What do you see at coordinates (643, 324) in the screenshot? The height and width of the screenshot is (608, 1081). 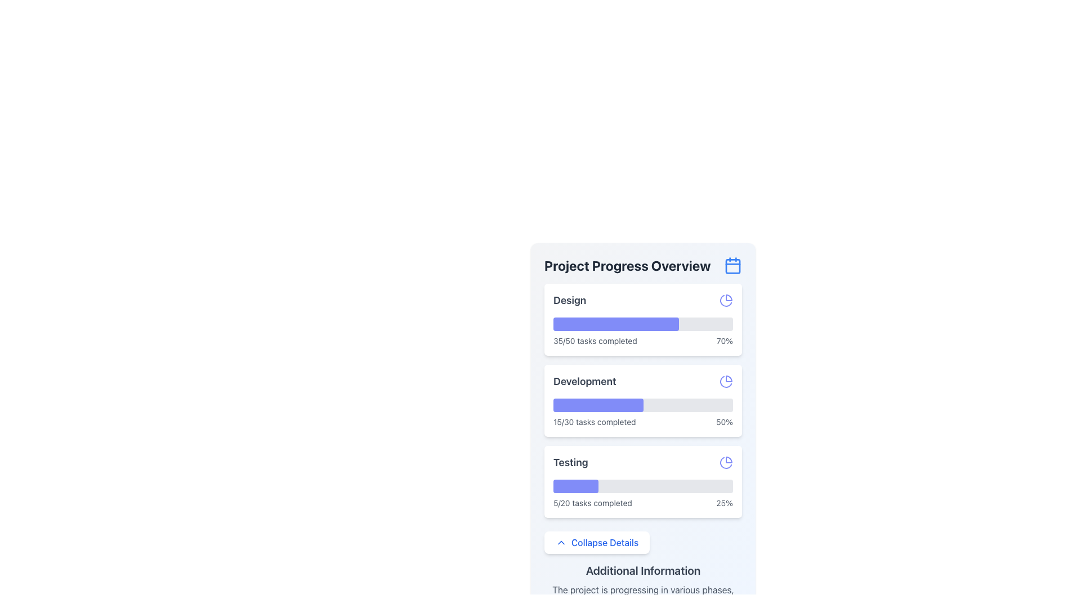 I see `the progress bar located in the 'Project Progress Overview' section, which is styled in indigo and indicates 70% completion, positioned beneath the 'Design' title` at bounding box center [643, 324].